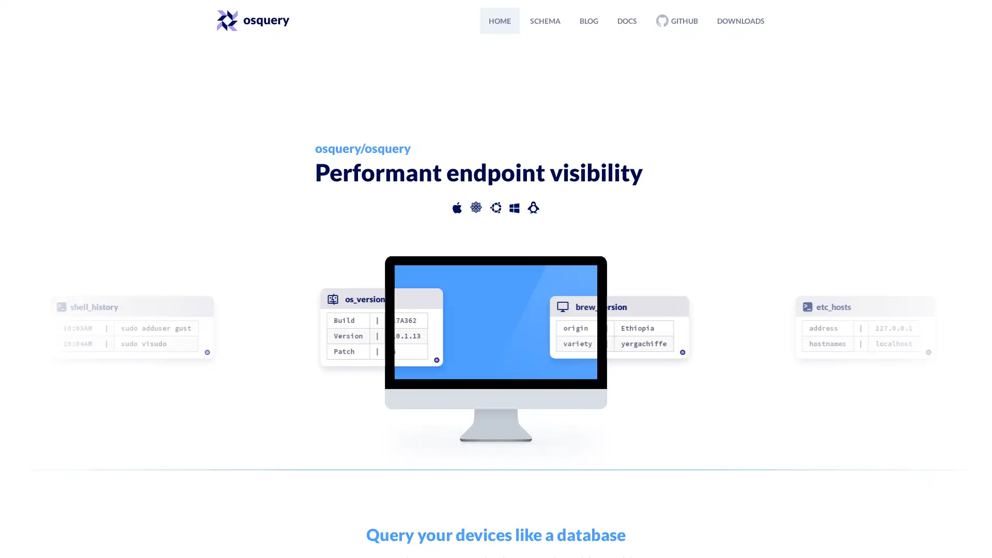  What do you see at coordinates (589, 20) in the screenshot?
I see `BLOG` at bounding box center [589, 20].